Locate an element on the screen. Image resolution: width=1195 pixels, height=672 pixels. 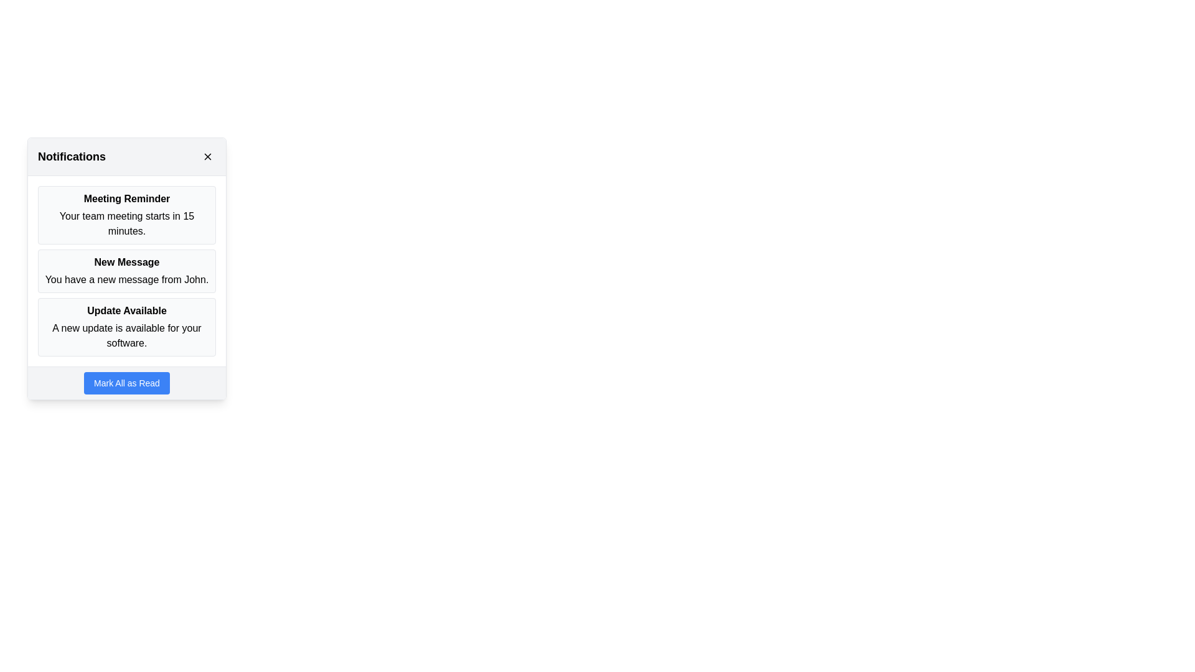
the notification card that indicates a new message received from John, which is the second notification in the vertical list of notifications is located at coordinates (126, 270).